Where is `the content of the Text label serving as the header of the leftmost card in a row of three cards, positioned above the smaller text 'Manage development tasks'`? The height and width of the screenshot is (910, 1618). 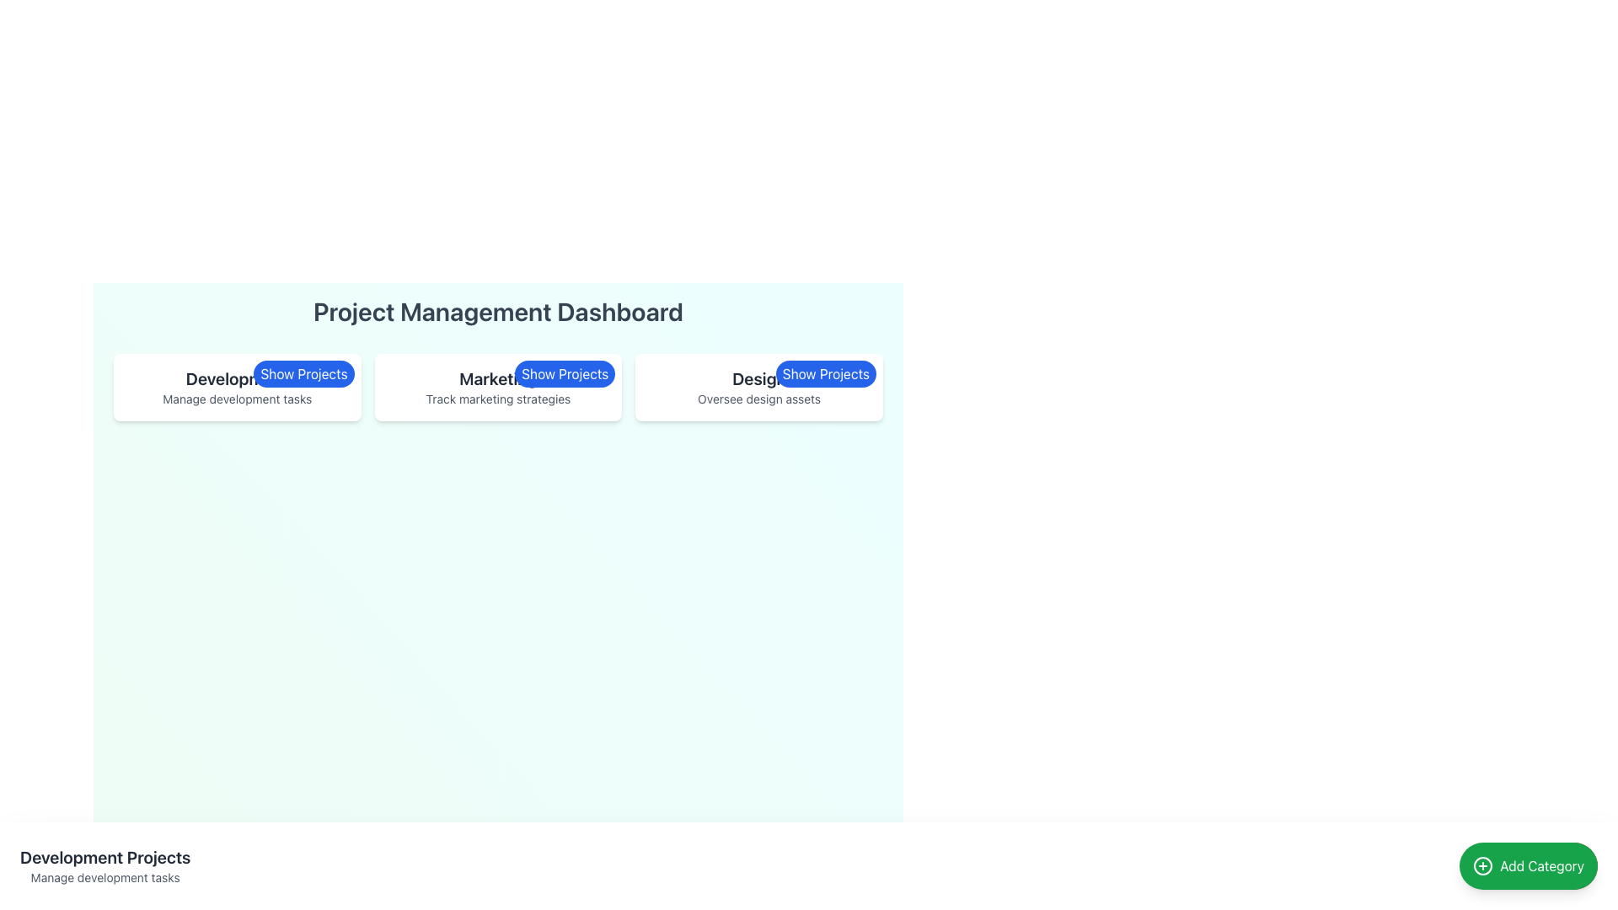 the content of the Text label serving as the header of the leftmost card in a row of three cards, positioned above the smaller text 'Manage development tasks' is located at coordinates (236, 379).